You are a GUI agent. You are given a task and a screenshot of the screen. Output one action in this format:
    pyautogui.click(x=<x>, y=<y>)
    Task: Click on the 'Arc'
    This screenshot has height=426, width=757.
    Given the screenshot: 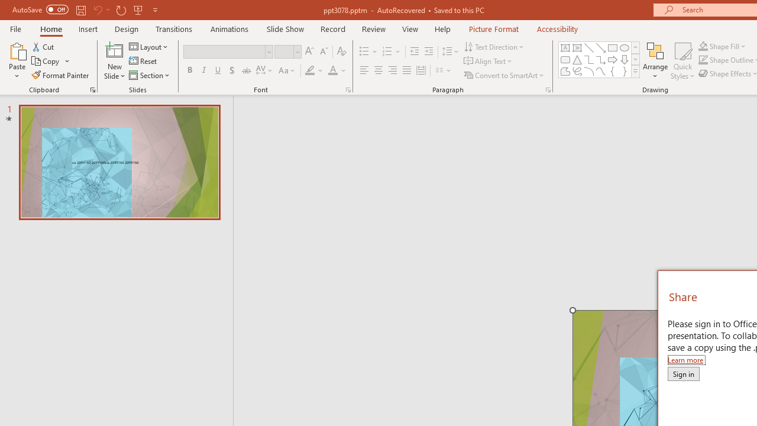 What is the action you would take?
    pyautogui.click(x=588, y=71)
    